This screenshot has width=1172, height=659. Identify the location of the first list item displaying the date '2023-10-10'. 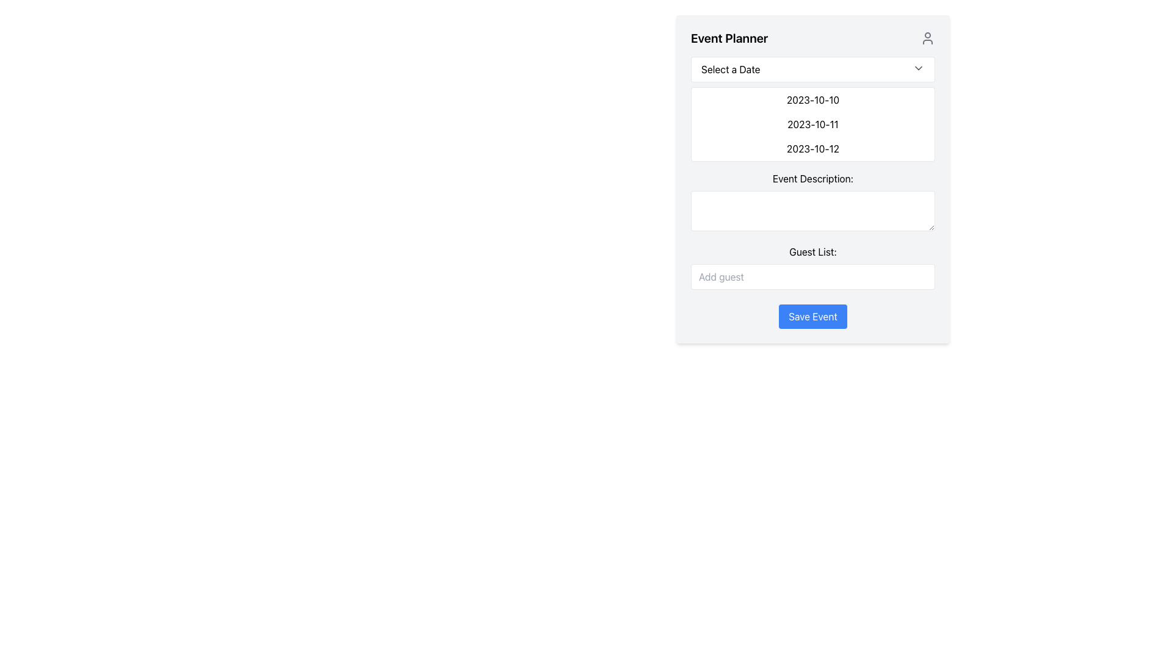
(812, 99).